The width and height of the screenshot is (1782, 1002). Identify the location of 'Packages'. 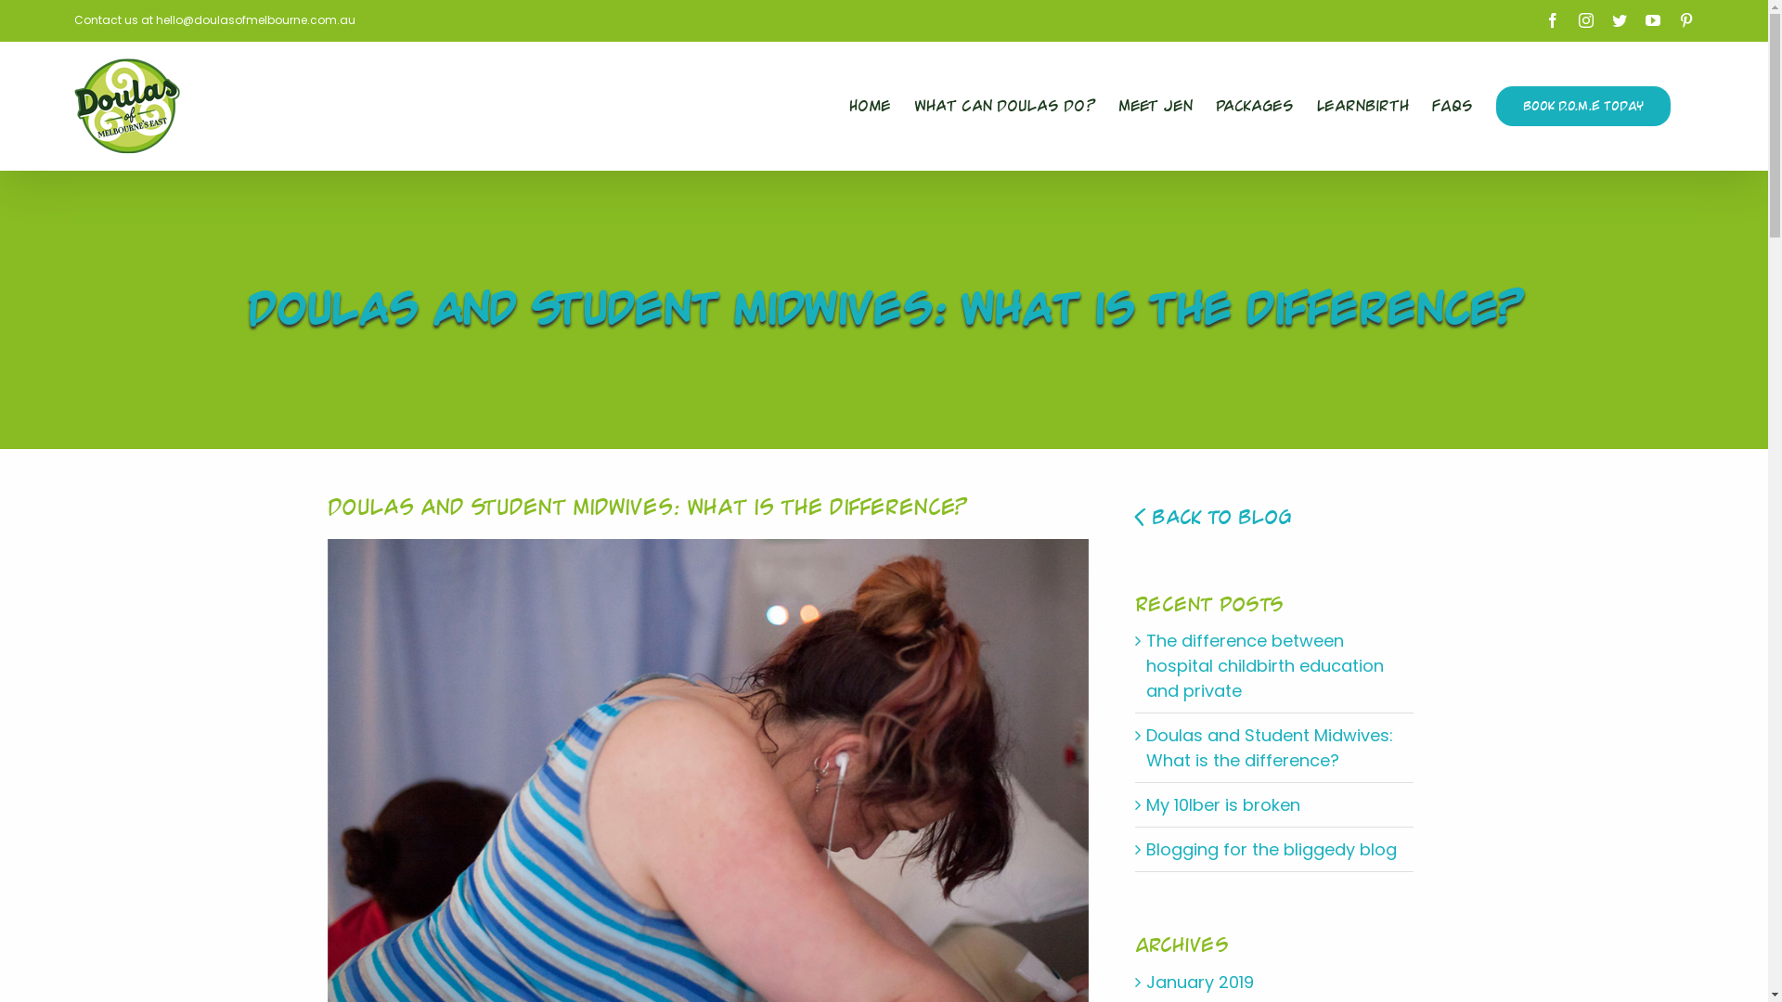
(1255, 106).